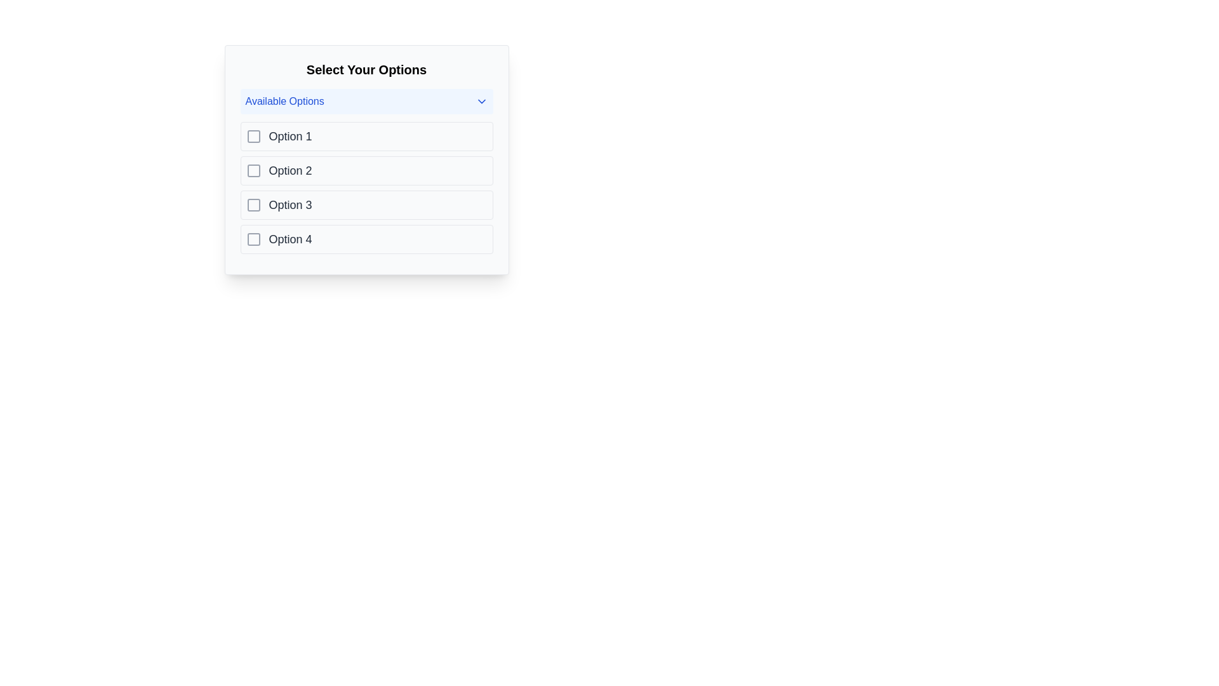  I want to click on the downward-pointing chevron icon with a thin blue outline, which is located at the far right of the 'Available Options' text, so click(481, 100).